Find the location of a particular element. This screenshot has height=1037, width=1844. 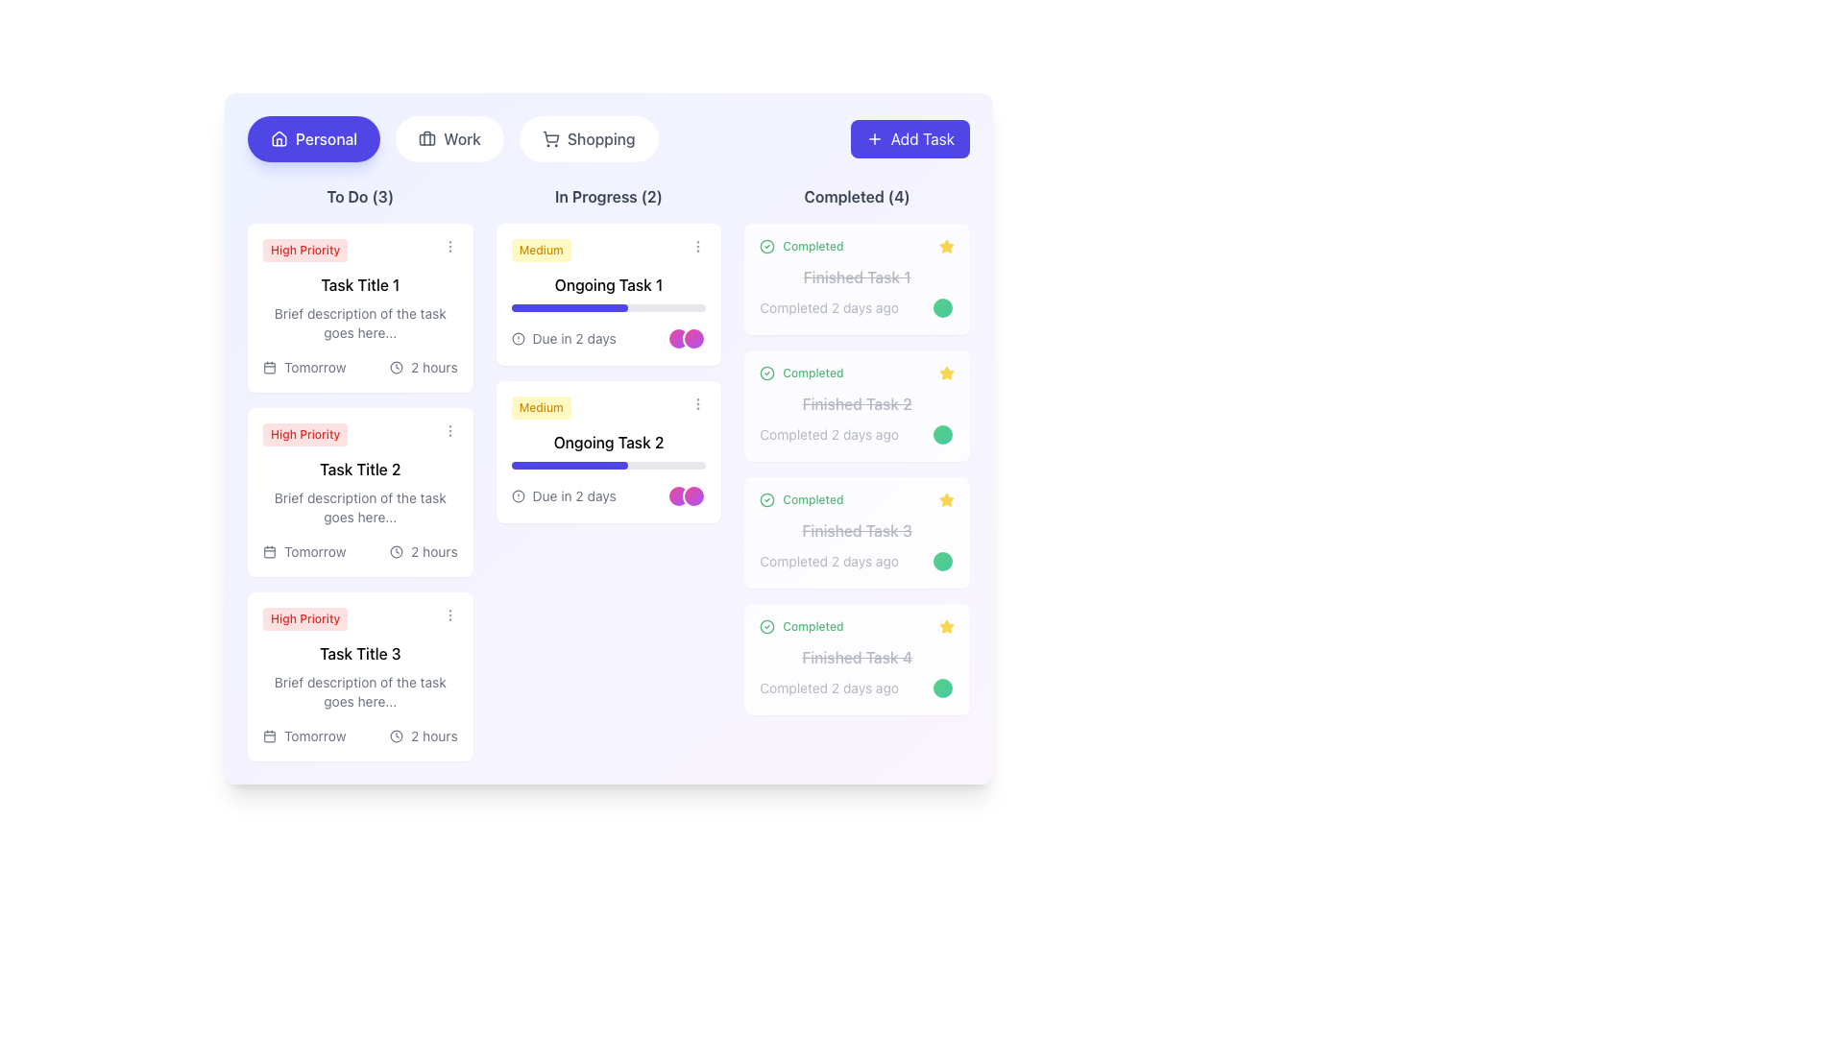

the 'Completed' text label with a checkmark icon located in the third task card of the 'Completed' column is located at coordinates (802, 498).